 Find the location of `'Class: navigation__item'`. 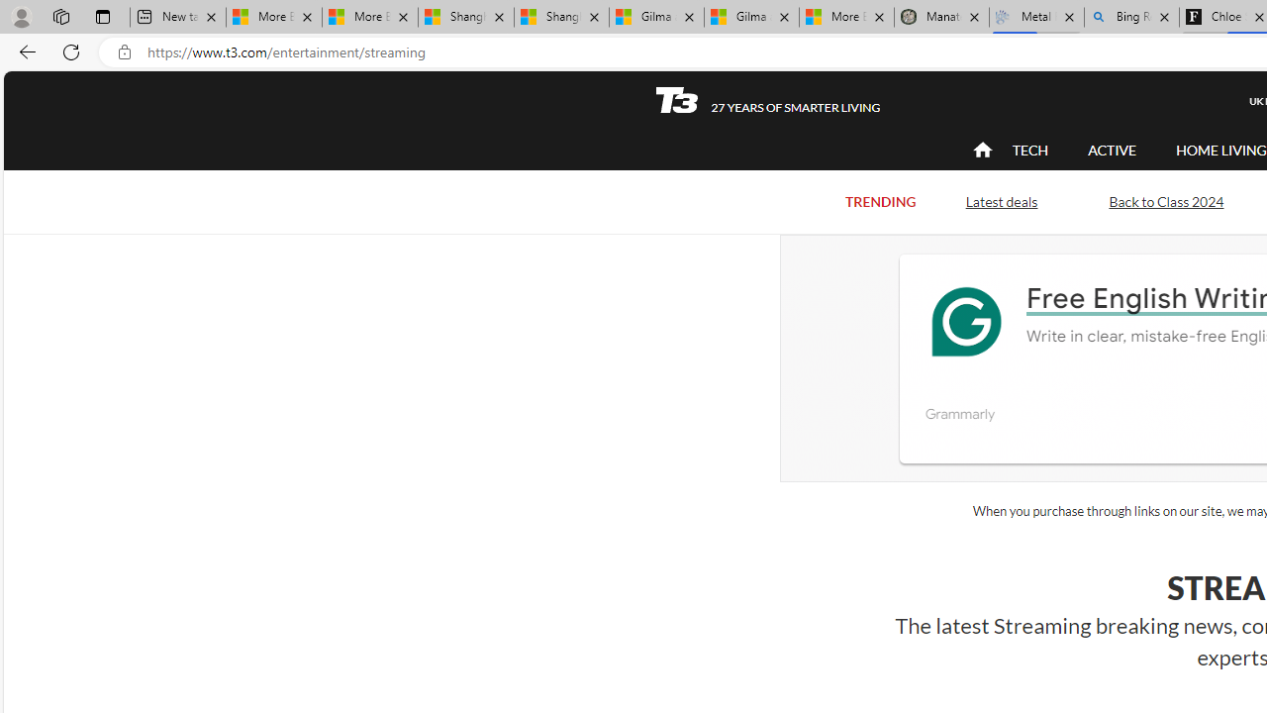

'Class: navigation__item' is located at coordinates (980, 149).